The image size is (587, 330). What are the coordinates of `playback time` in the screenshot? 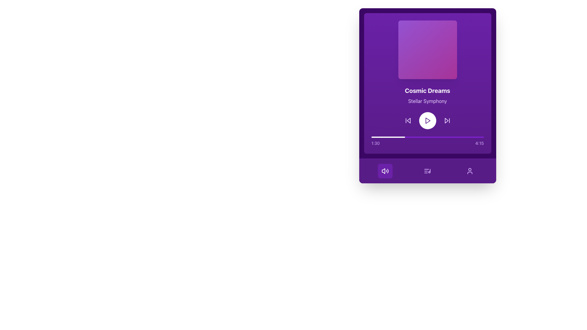 It's located at (371, 137).